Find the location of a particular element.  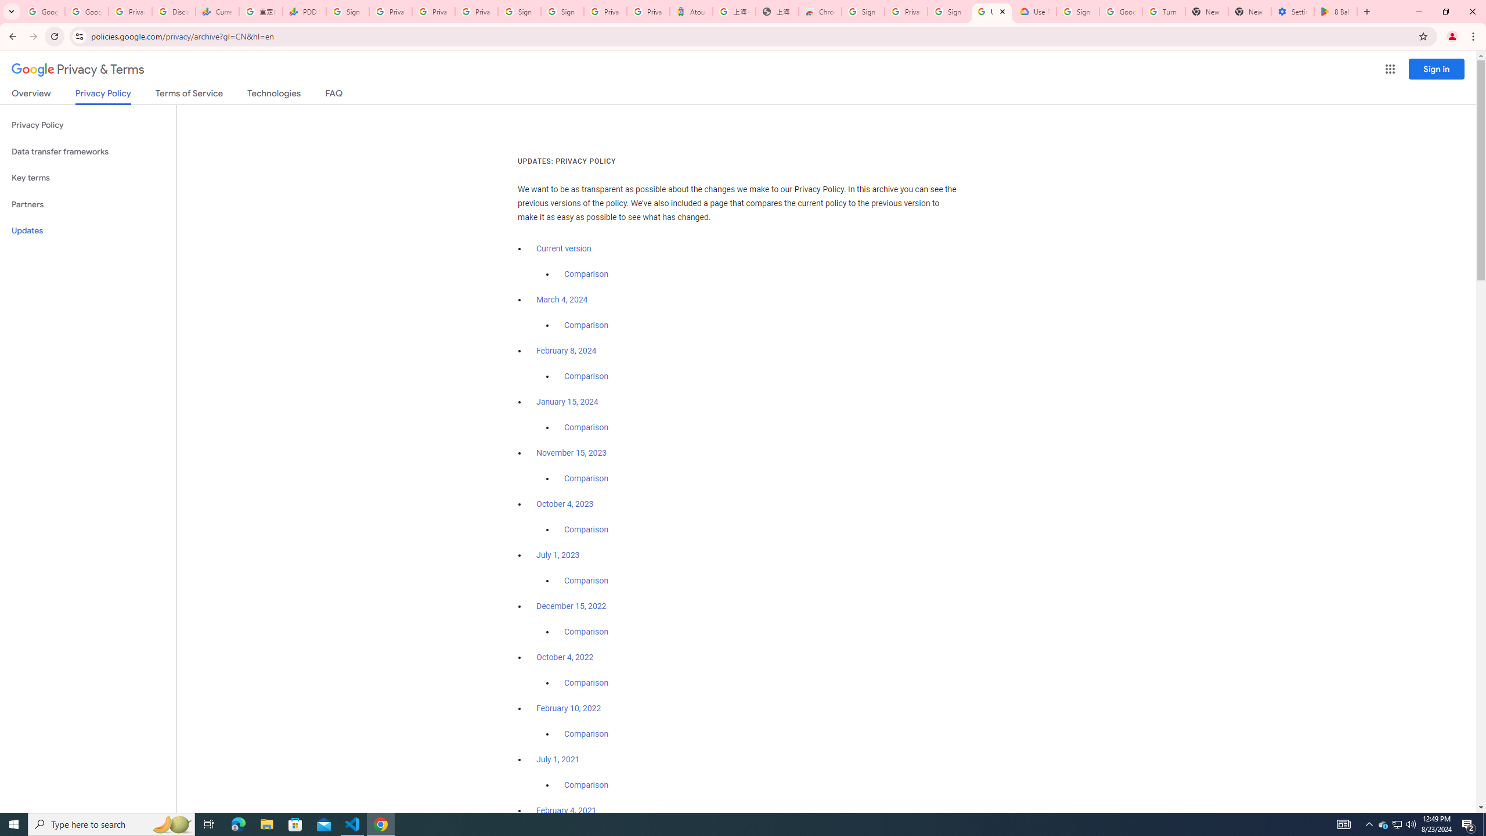

'Google Workspace Admin Community' is located at coordinates (42, 11).